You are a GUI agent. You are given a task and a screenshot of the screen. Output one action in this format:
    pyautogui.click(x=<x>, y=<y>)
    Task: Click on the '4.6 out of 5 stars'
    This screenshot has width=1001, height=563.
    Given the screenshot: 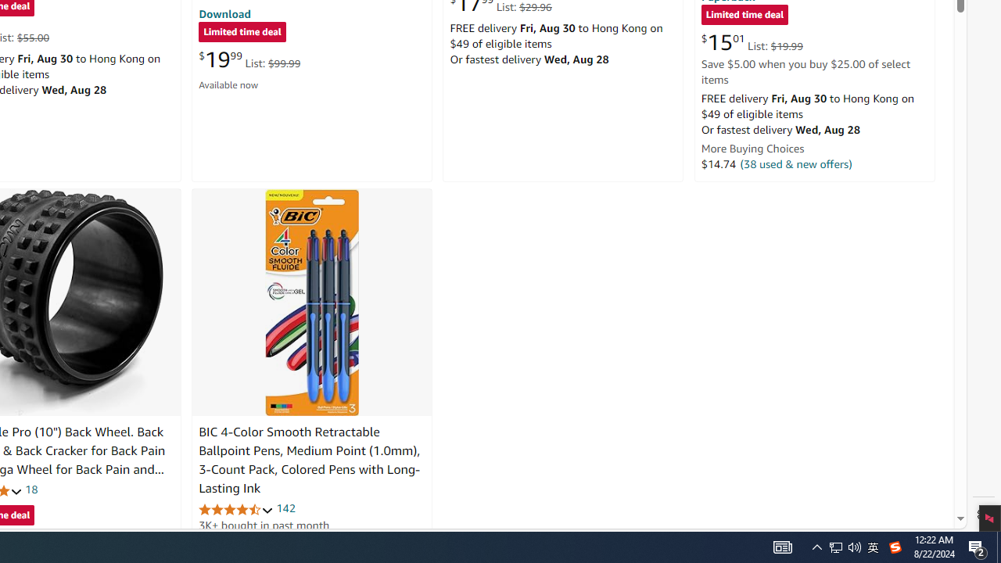 What is the action you would take?
    pyautogui.click(x=235, y=509)
    